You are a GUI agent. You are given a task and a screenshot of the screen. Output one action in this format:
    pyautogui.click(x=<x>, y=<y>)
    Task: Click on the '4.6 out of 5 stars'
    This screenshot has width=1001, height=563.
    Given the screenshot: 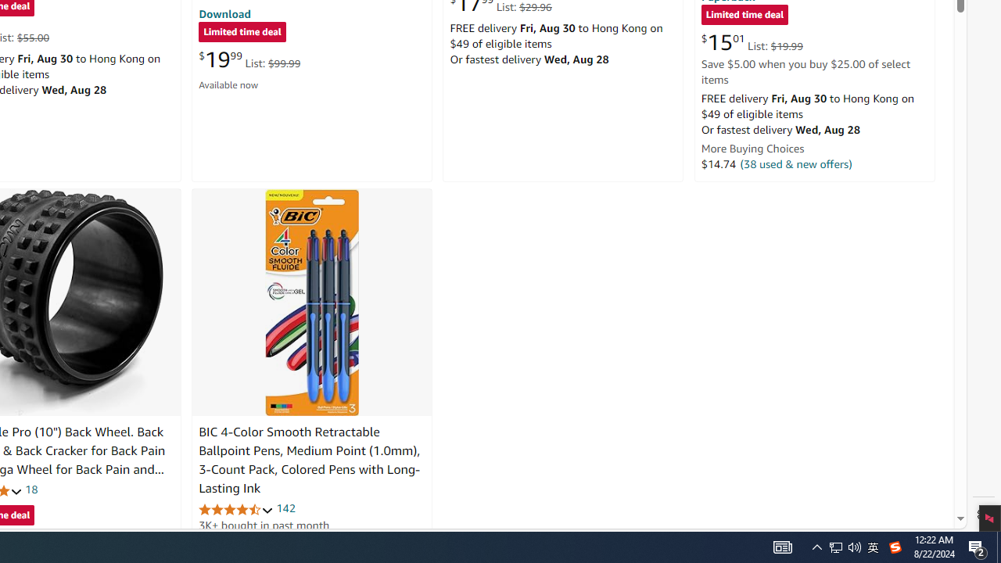 What is the action you would take?
    pyautogui.click(x=235, y=509)
    